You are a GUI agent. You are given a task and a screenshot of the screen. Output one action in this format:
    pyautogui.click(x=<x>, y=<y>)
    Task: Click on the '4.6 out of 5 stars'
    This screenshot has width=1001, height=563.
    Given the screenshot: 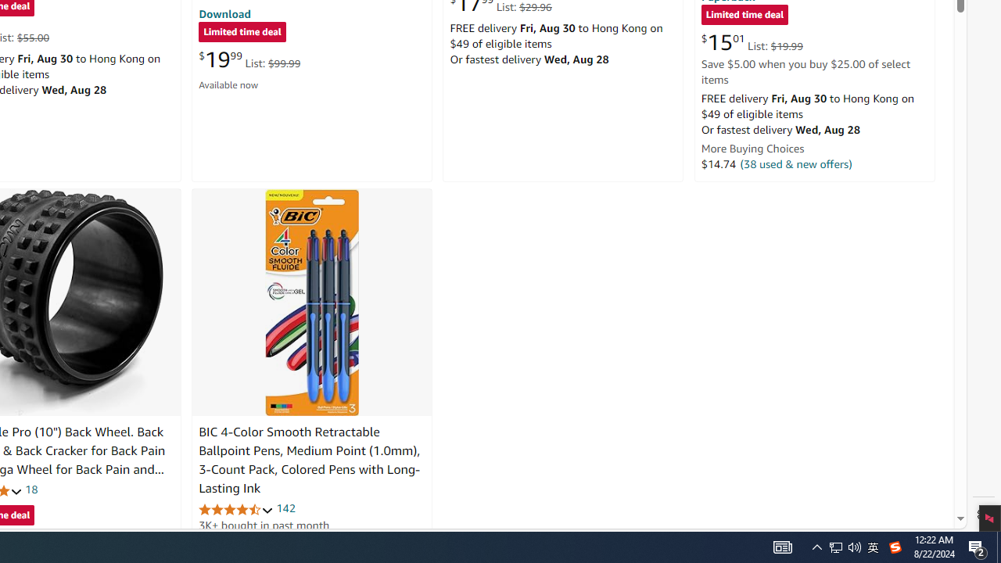 What is the action you would take?
    pyautogui.click(x=235, y=509)
    